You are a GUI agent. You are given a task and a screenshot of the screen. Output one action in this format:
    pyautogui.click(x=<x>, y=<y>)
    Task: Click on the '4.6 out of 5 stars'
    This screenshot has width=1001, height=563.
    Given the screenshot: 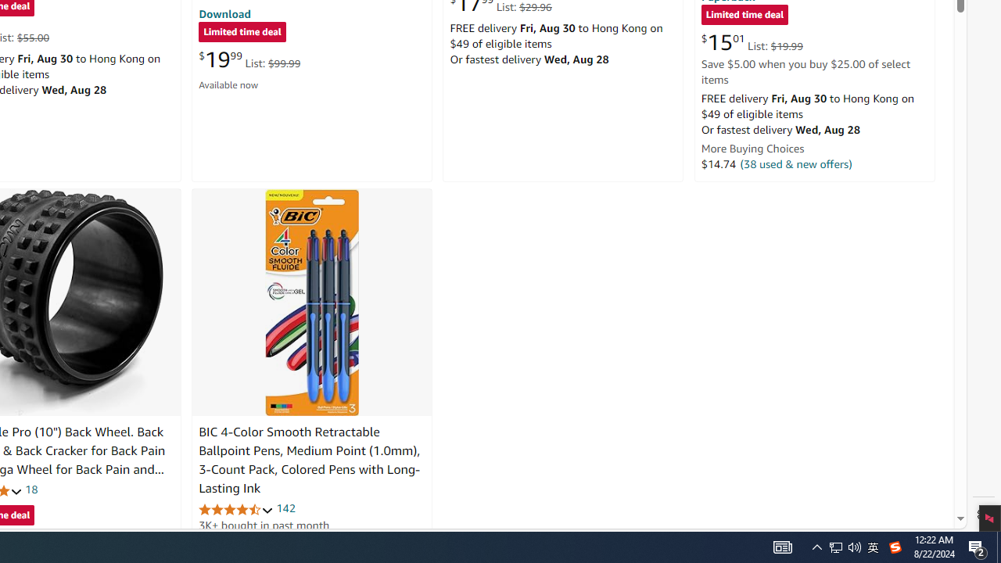 What is the action you would take?
    pyautogui.click(x=235, y=509)
    